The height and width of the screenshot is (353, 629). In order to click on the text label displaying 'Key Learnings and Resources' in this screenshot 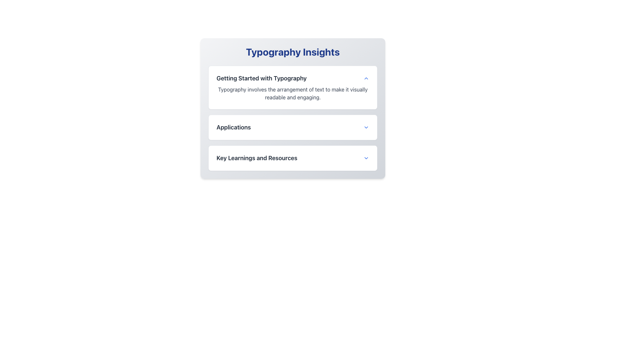, I will do `click(257, 158)`.